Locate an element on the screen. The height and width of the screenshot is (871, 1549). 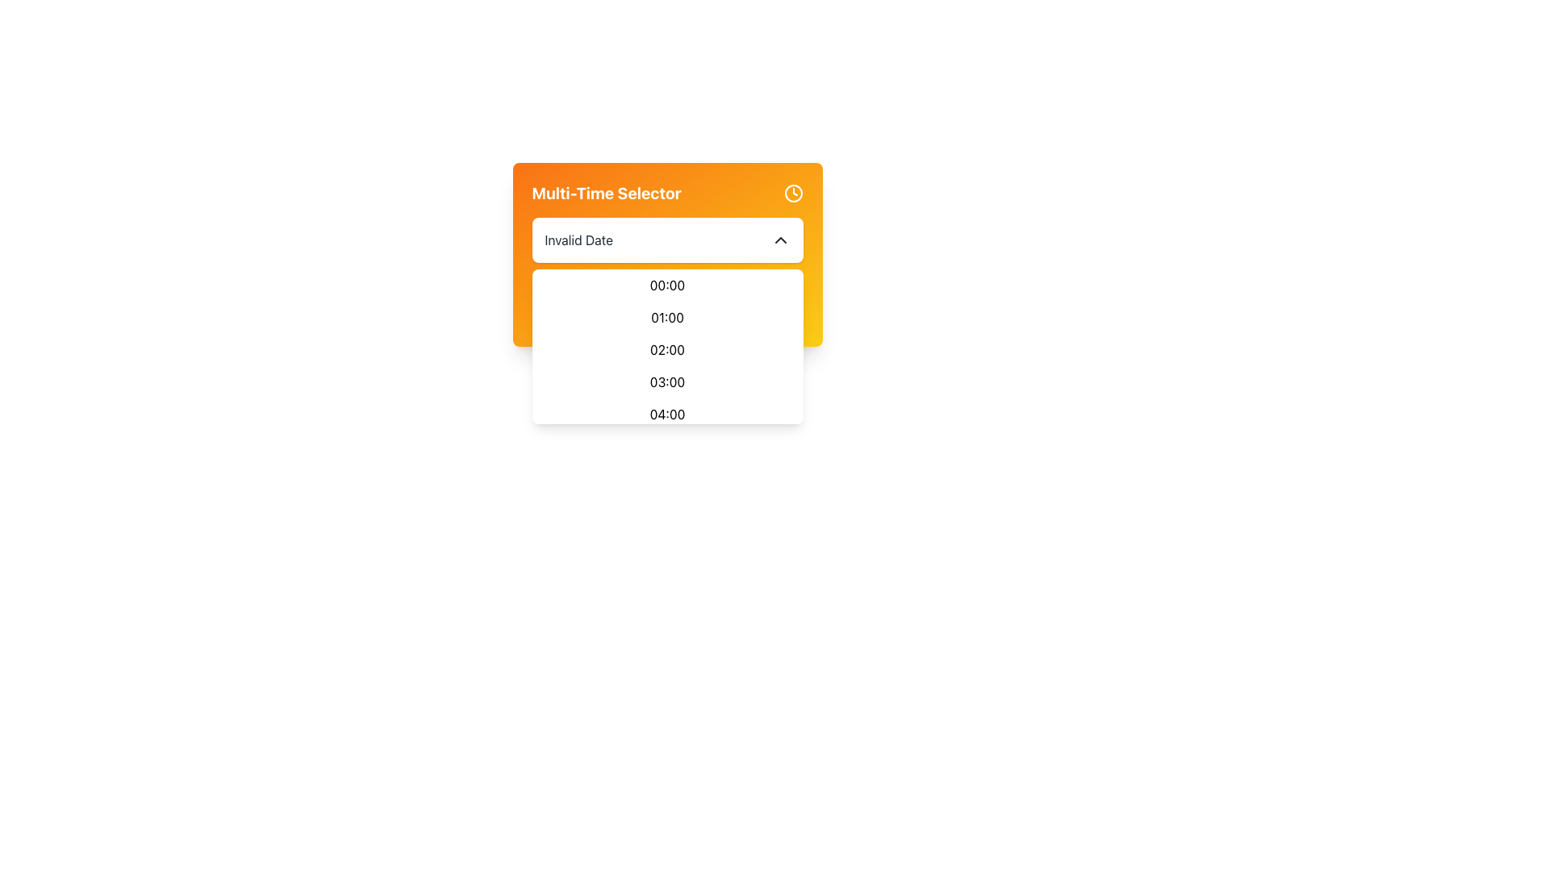
the dropdown menu labeled 'Invalid Date' below the 'Multi-Time Selector' title is located at coordinates (667, 240).